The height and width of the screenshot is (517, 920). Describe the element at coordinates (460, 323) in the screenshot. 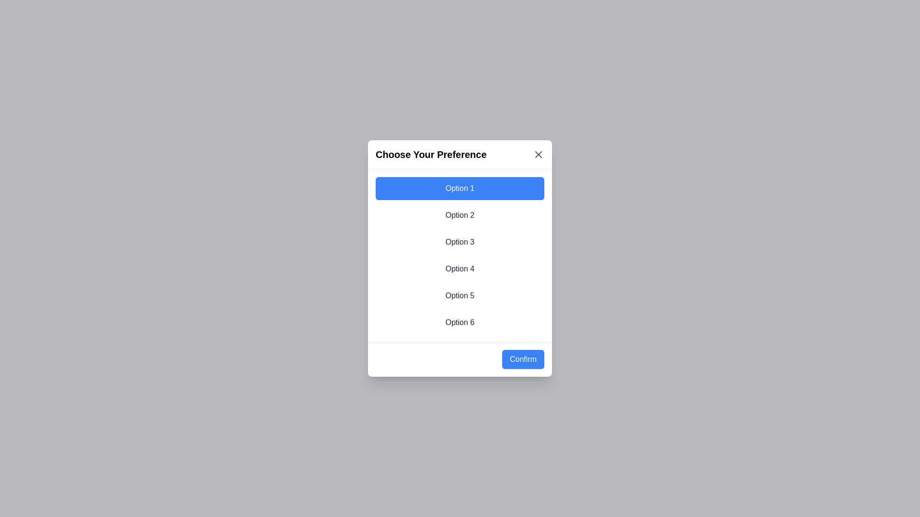

I see `the option 6 from the list` at that location.